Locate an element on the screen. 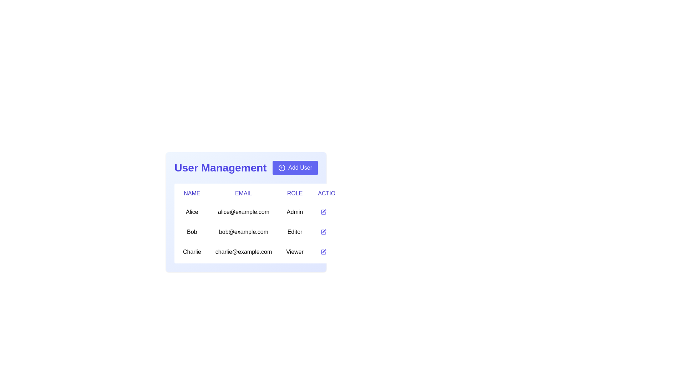 This screenshot has height=385, width=685. the Text Display element that shows the email address of user Charlie, located in the third row of the user information table under the 'EMAIL' column is located at coordinates (243, 251).